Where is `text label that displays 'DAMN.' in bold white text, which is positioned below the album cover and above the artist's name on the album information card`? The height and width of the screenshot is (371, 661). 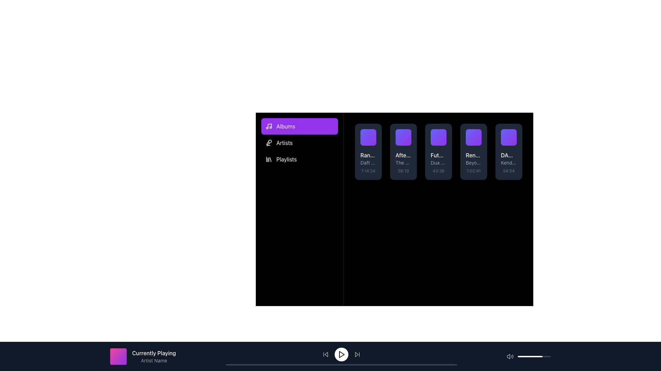 text label that displays 'DAMN.' in bold white text, which is positioned below the album cover and above the artist's name on the album information card is located at coordinates (509, 155).